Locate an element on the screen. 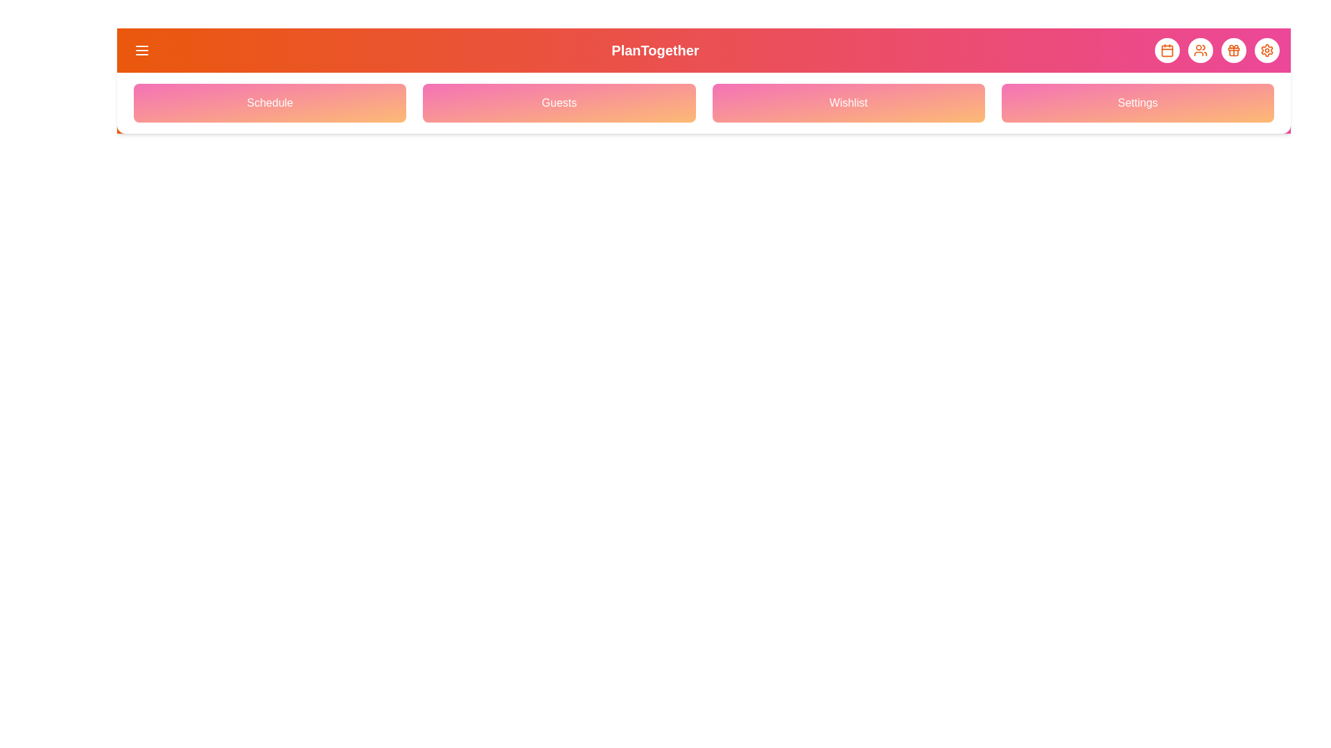 The width and height of the screenshot is (1331, 748). the navigation menu option Wishlist is located at coordinates (848, 103).